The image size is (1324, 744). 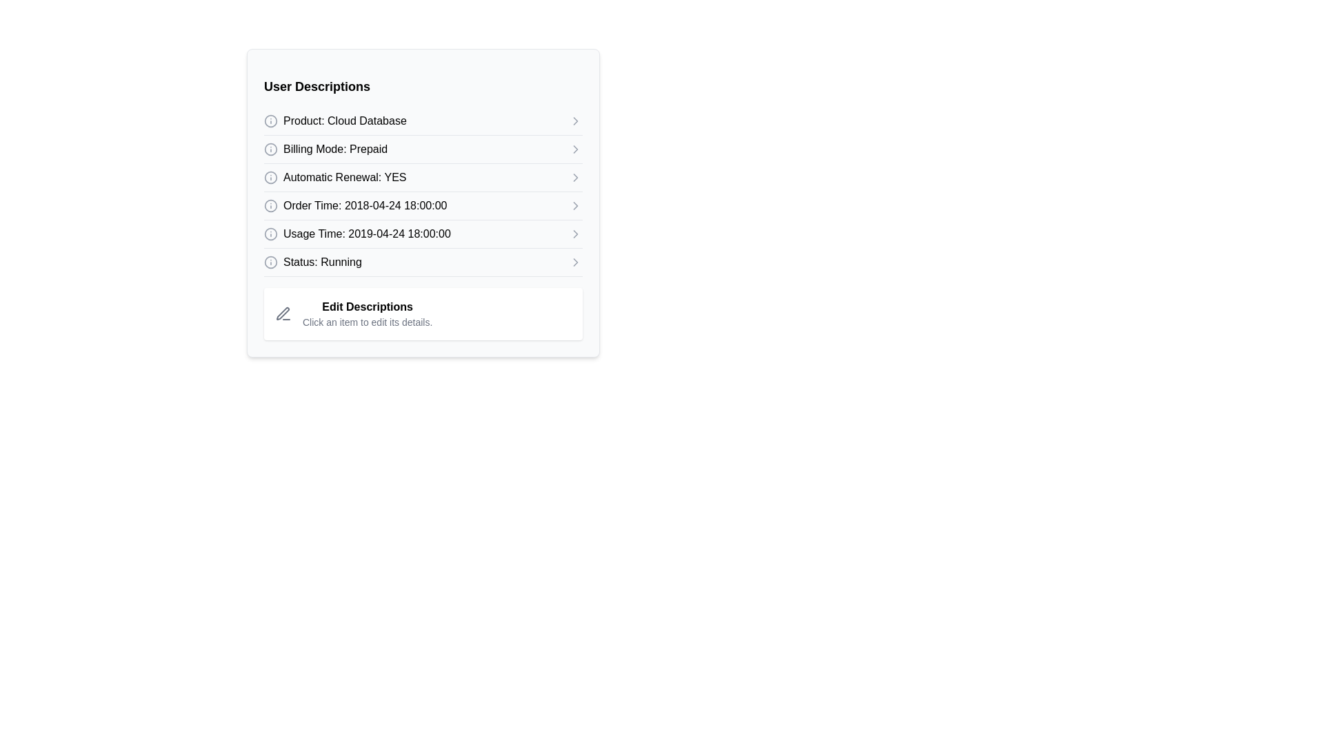 I want to click on information displayed in the 'Prepaid' billing mode text element, which is the second item under the 'User Descriptions' section in the interface, so click(x=325, y=149).